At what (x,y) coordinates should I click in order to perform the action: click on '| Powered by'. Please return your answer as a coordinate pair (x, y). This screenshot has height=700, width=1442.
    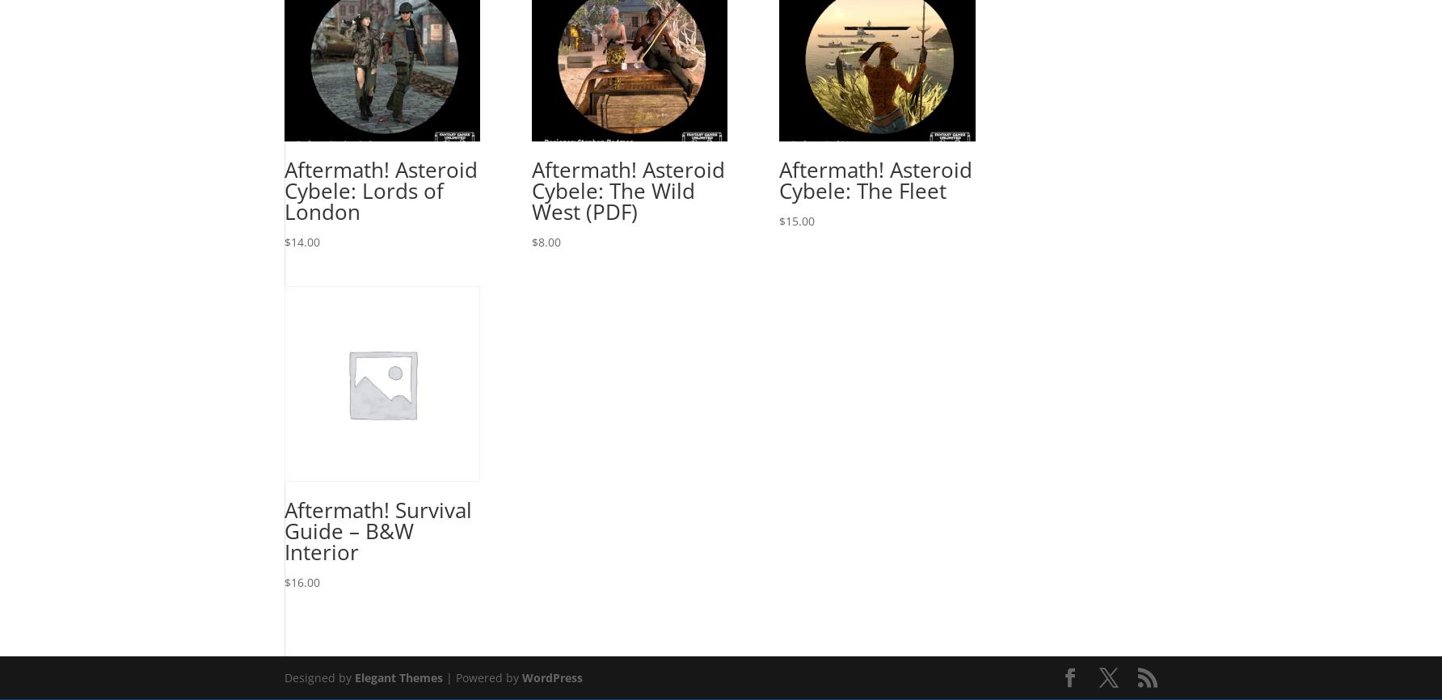
    Looking at the image, I should click on (481, 676).